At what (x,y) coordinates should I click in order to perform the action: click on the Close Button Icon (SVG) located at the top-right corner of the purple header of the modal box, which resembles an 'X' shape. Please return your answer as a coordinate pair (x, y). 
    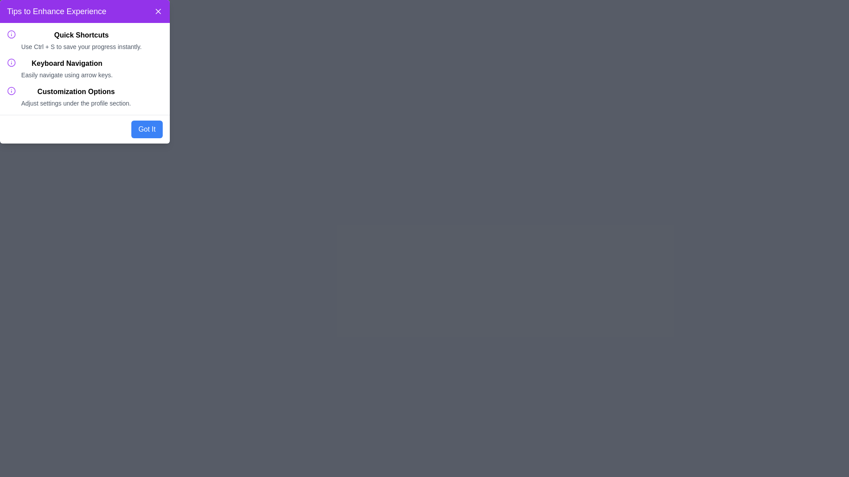
    Looking at the image, I should click on (158, 11).